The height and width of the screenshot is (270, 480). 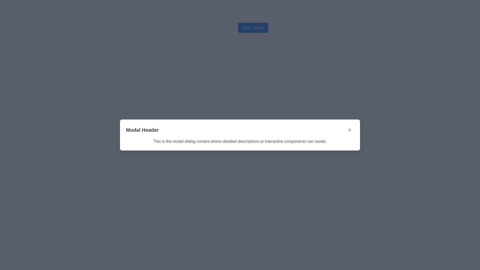 What do you see at coordinates (349, 130) in the screenshot?
I see `the close icon located in the top-right corner of the modal header to trigger a visual change, such as a color change` at bounding box center [349, 130].